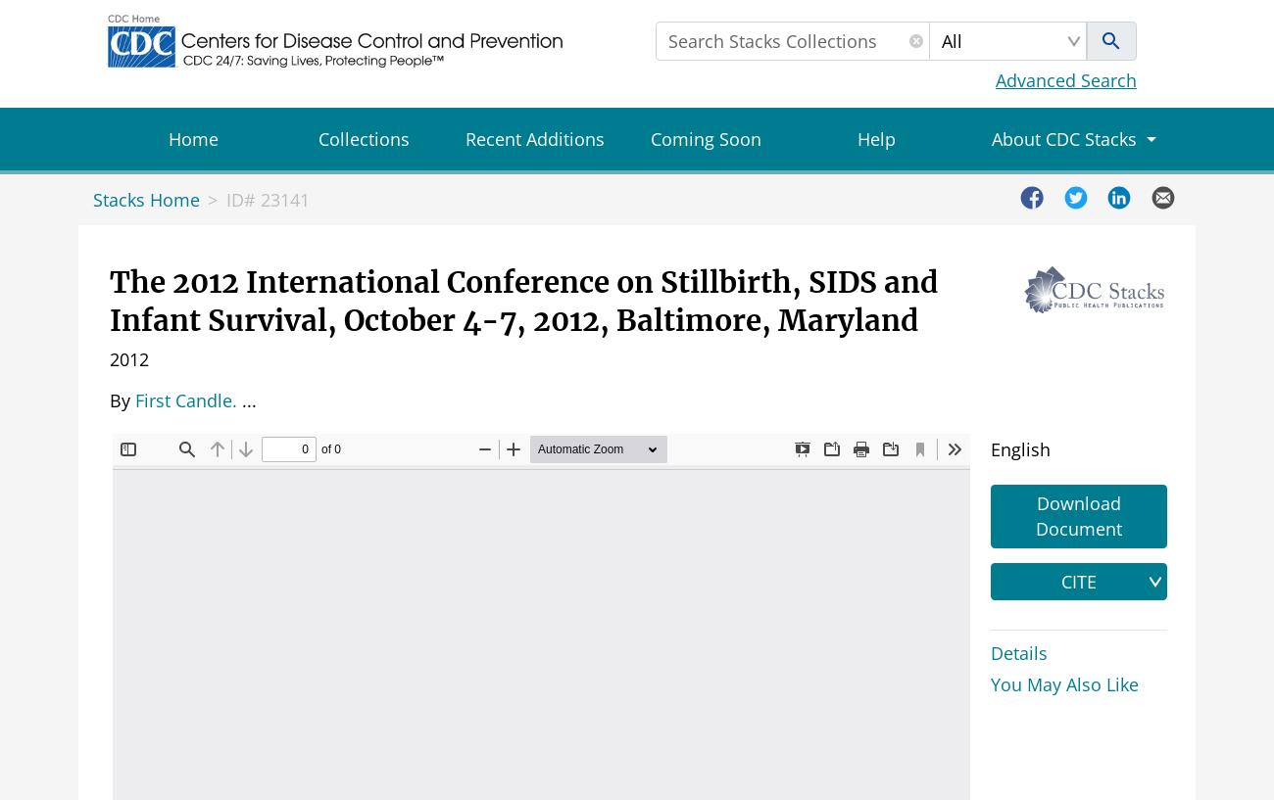 This screenshot has height=800, width=1274. Describe the element at coordinates (1077, 580) in the screenshot. I see `'CITE'` at that location.